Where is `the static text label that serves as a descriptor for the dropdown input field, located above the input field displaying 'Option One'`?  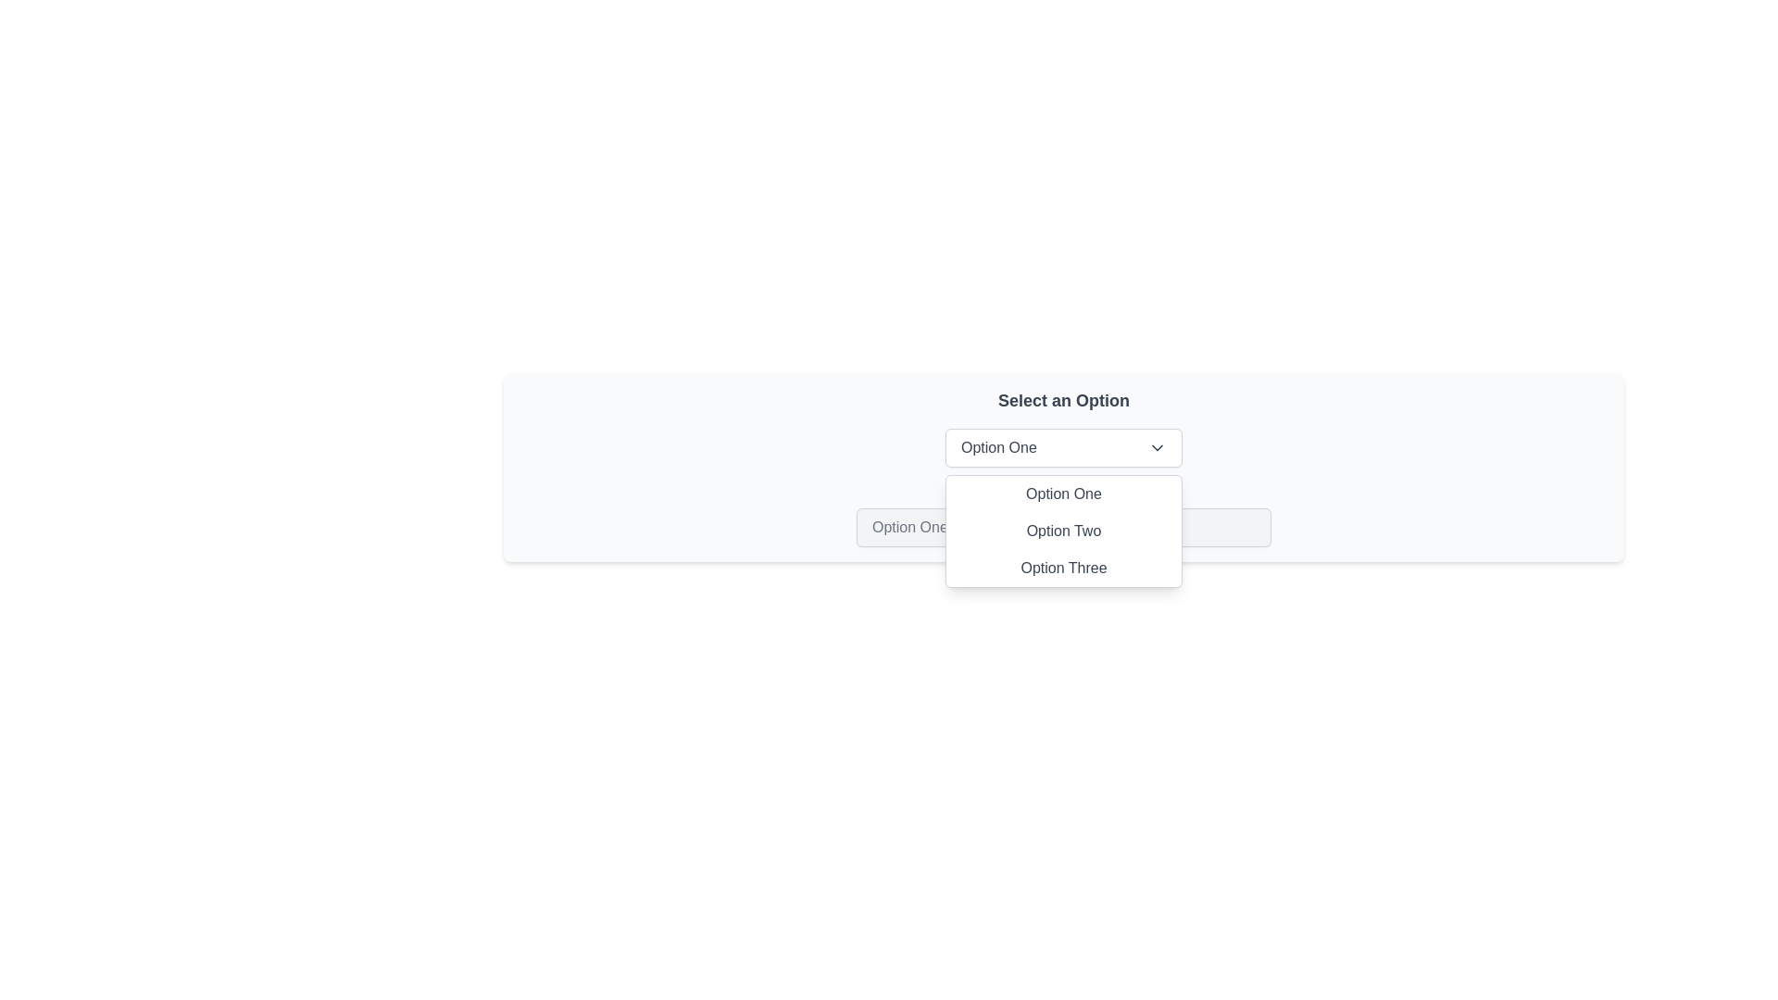
the static text label that serves as a descriptor for the dropdown input field, located above the input field displaying 'Option One' is located at coordinates (1063, 491).